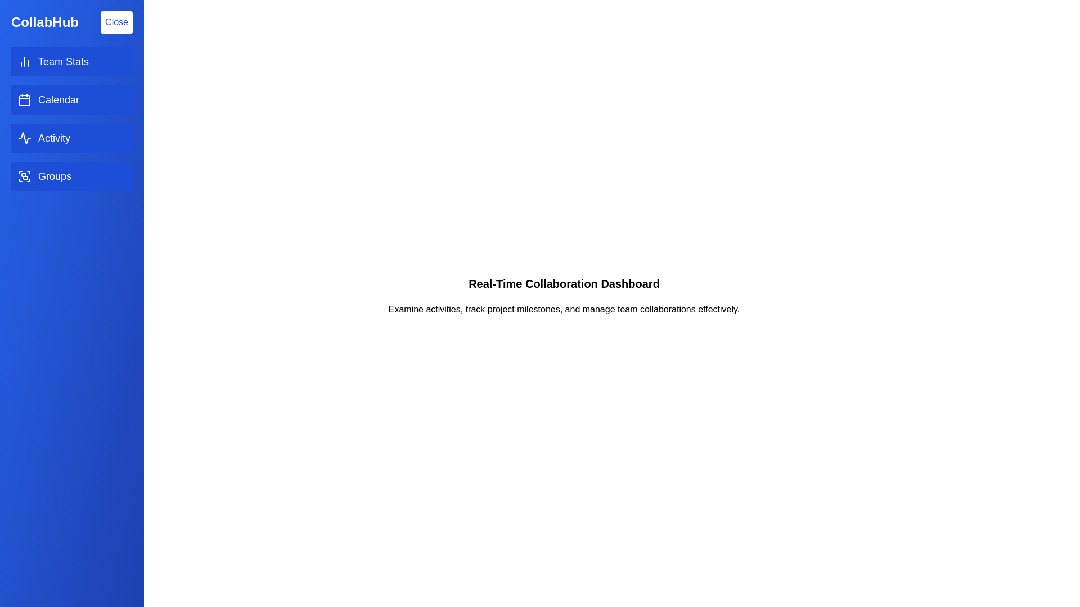  What do you see at coordinates (71, 138) in the screenshot?
I see `the menu item Activity to observe visual feedback` at bounding box center [71, 138].